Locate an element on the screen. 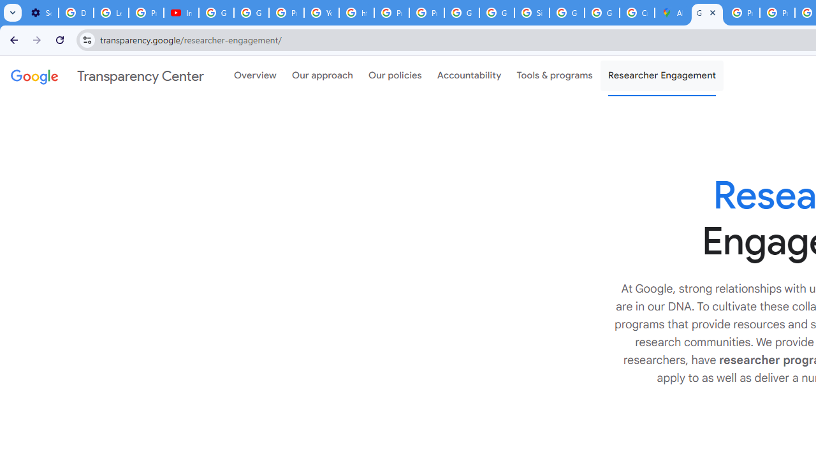 The image size is (816, 459). 'Researcher Engagement' is located at coordinates (662, 76).